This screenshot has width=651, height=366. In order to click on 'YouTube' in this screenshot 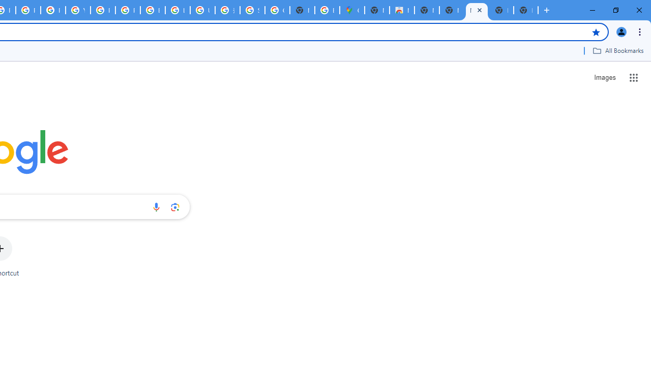, I will do `click(77, 10)`.